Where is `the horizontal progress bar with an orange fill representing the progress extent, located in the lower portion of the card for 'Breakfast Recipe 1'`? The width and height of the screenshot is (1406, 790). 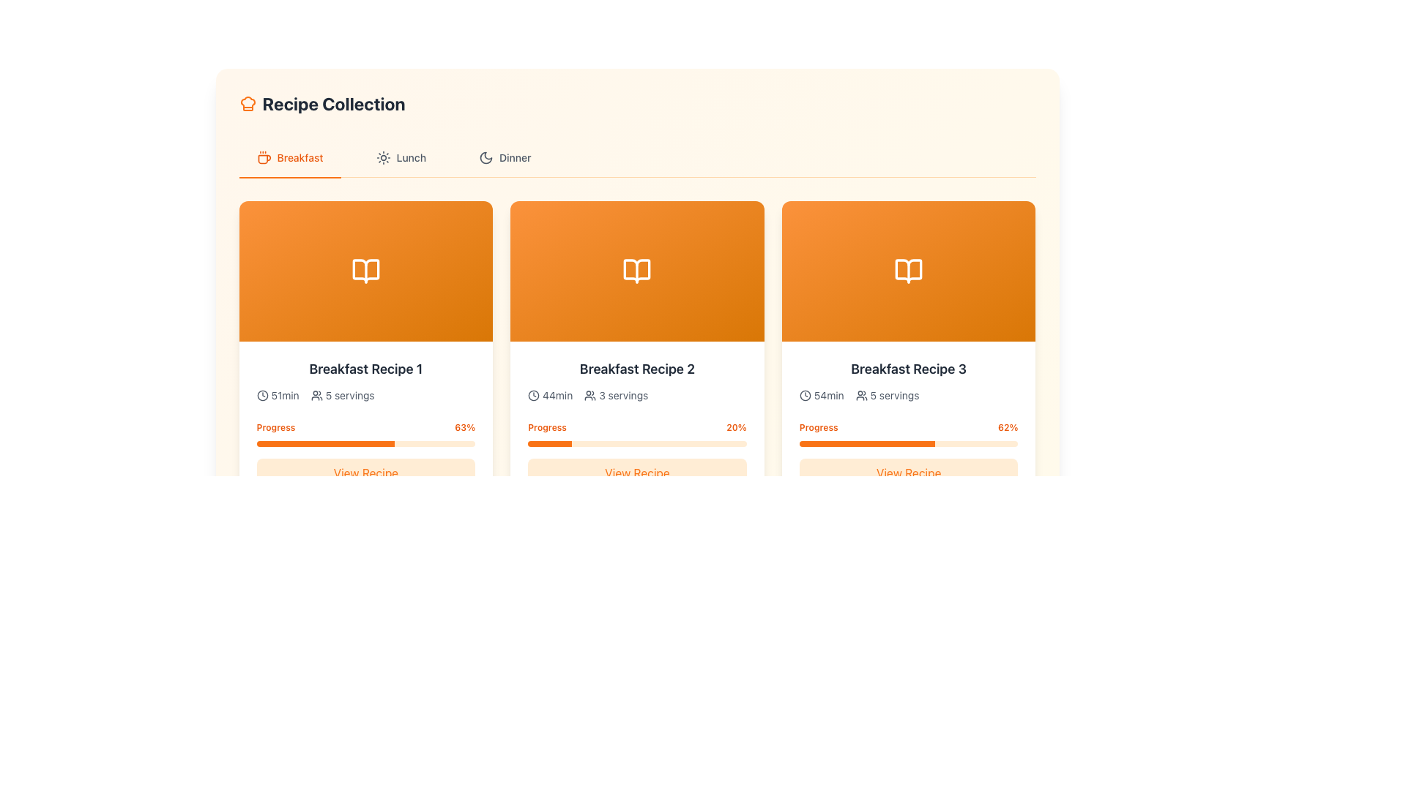 the horizontal progress bar with an orange fill representing the progress extent, located in the lower portion of the card for 'Breakfast Recipe 1' is located at coordinates (324, 443).